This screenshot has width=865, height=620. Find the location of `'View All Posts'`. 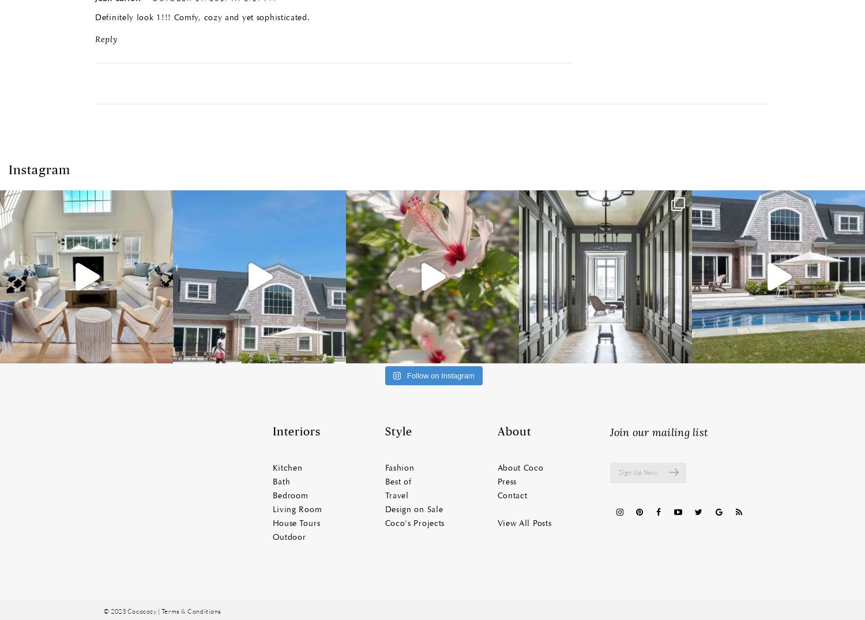

'View All Posts' is located at coordinates (524, 523).